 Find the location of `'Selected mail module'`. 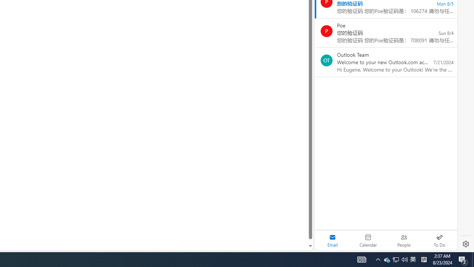

'Selected mail module' is located at coordinates (332, 240).